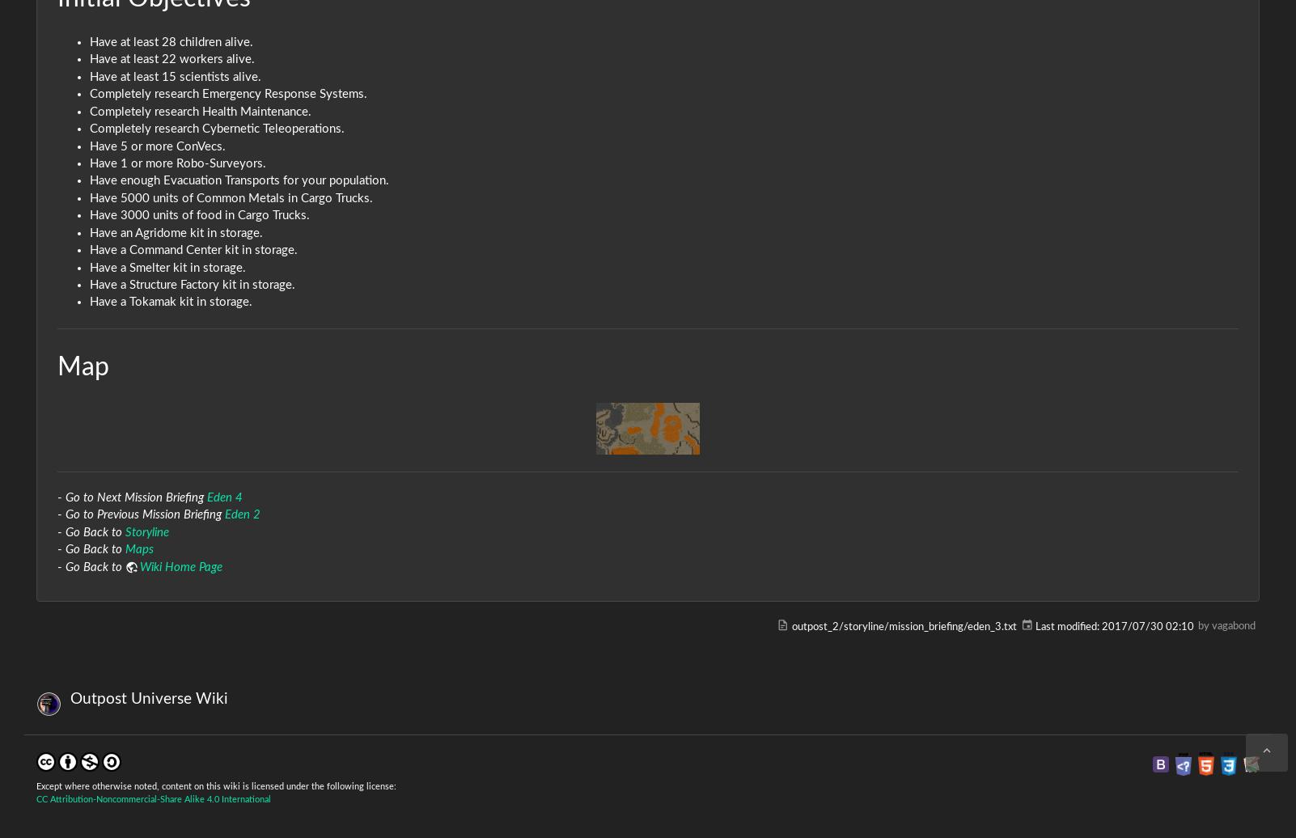  What do you see at coordinates (171, 302) in the screenshot?
I see `'Have a Tokamak kit in storage.'` at bounding box center [171, 302].